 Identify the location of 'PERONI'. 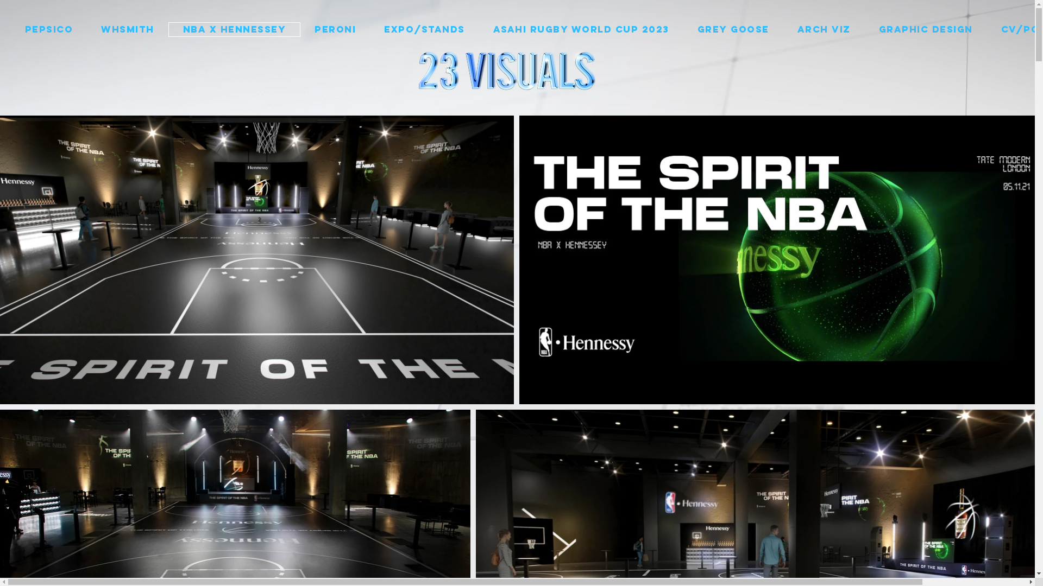
(335, 29).